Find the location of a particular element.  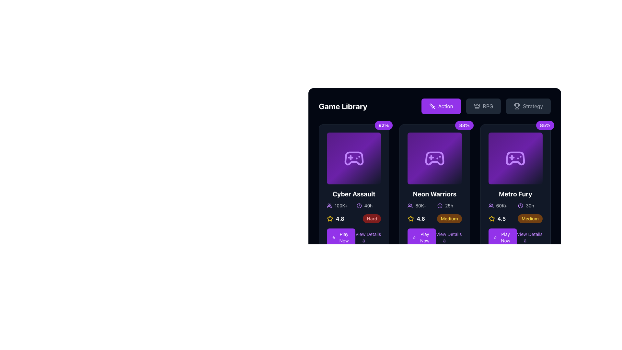

the rating element (4.6) within the 'Neon Warriors' card in the 'Game Library' section is located at coordinates (435, 219).